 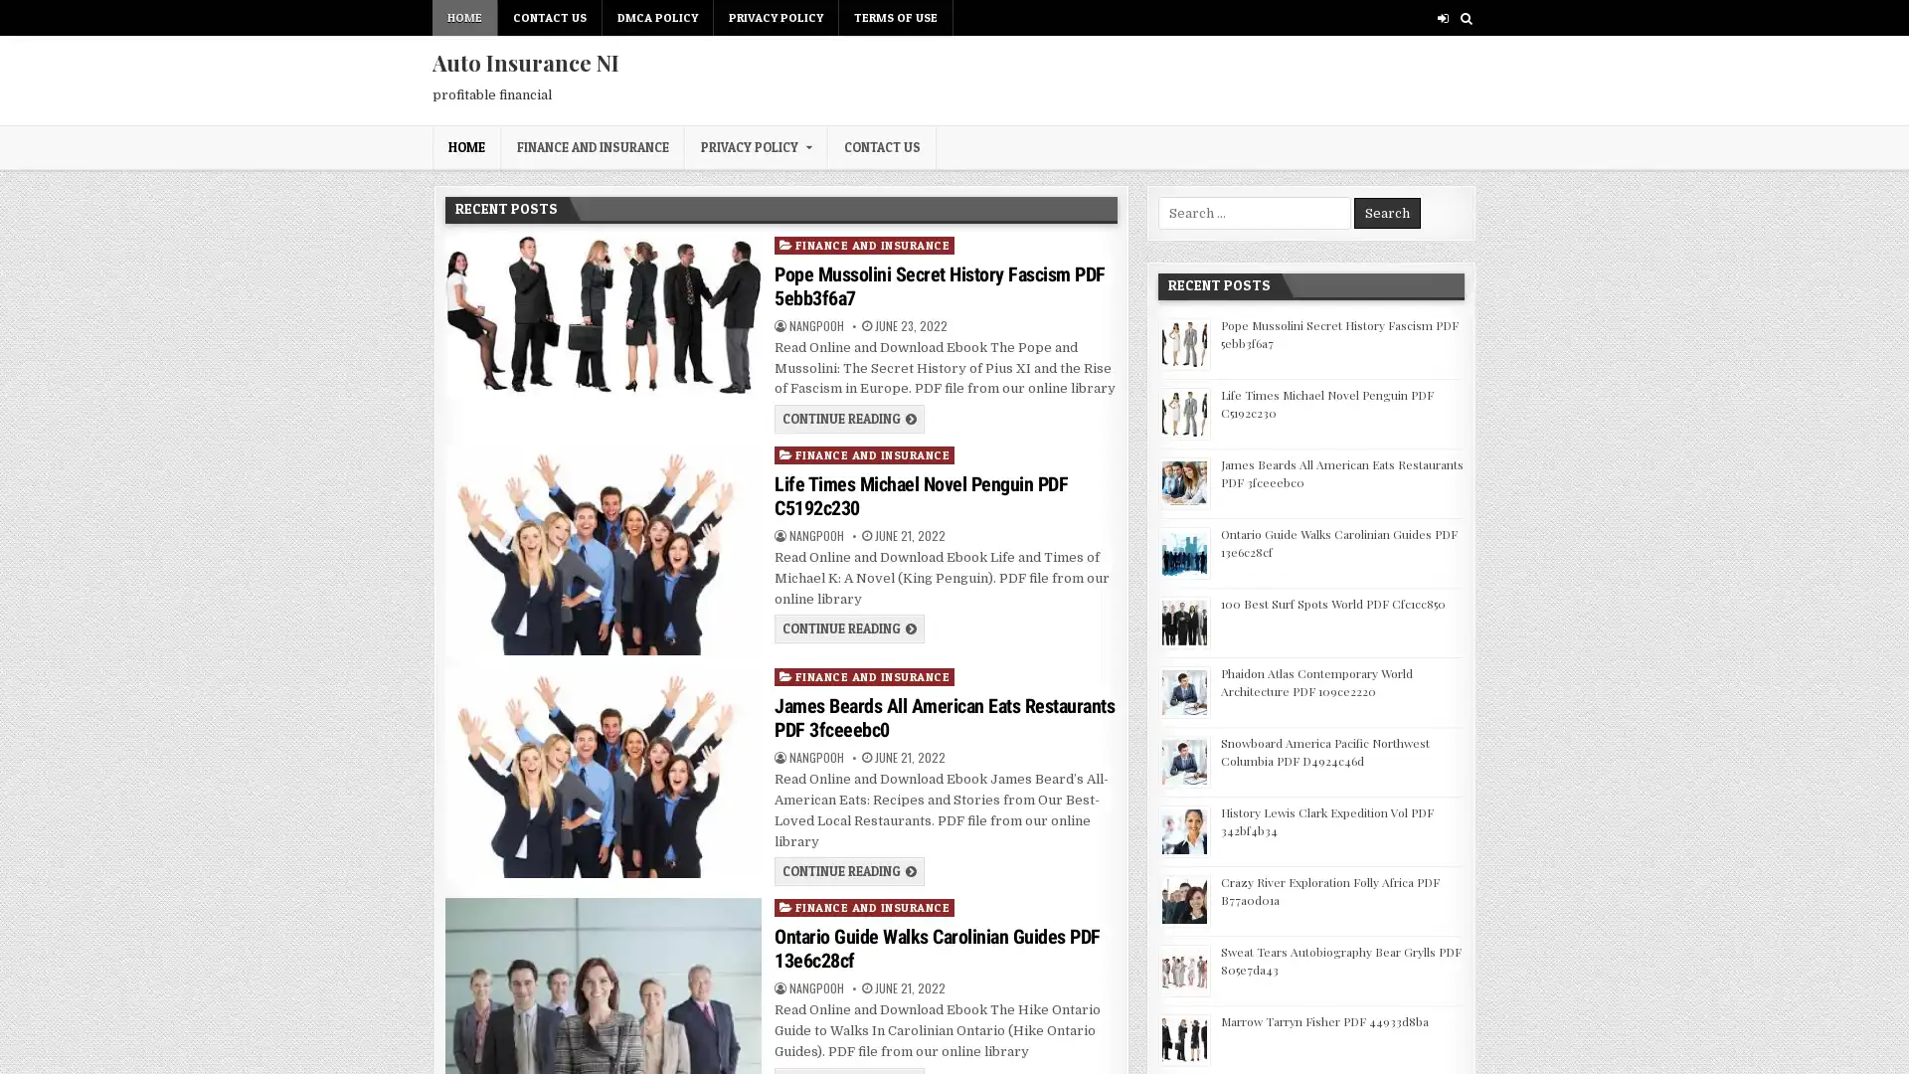 I want to click on Search, so click(x=1386, y=213).